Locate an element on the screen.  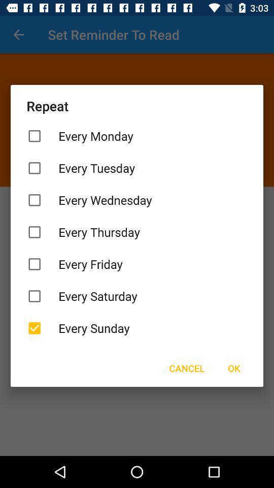
item below the every friday icon is located at coordinates (137, 296).